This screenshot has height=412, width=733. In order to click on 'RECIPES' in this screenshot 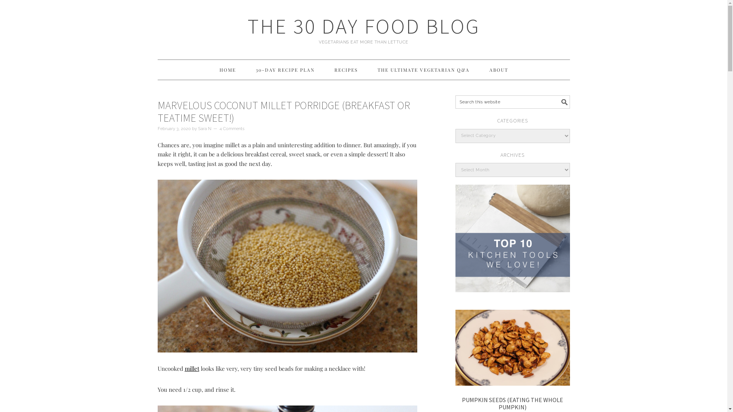, I will do `click(345, 69)`.